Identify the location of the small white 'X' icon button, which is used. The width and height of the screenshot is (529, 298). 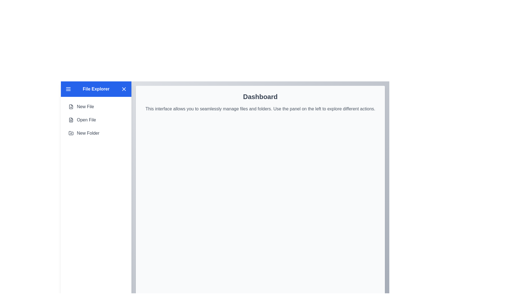
(124, 89).